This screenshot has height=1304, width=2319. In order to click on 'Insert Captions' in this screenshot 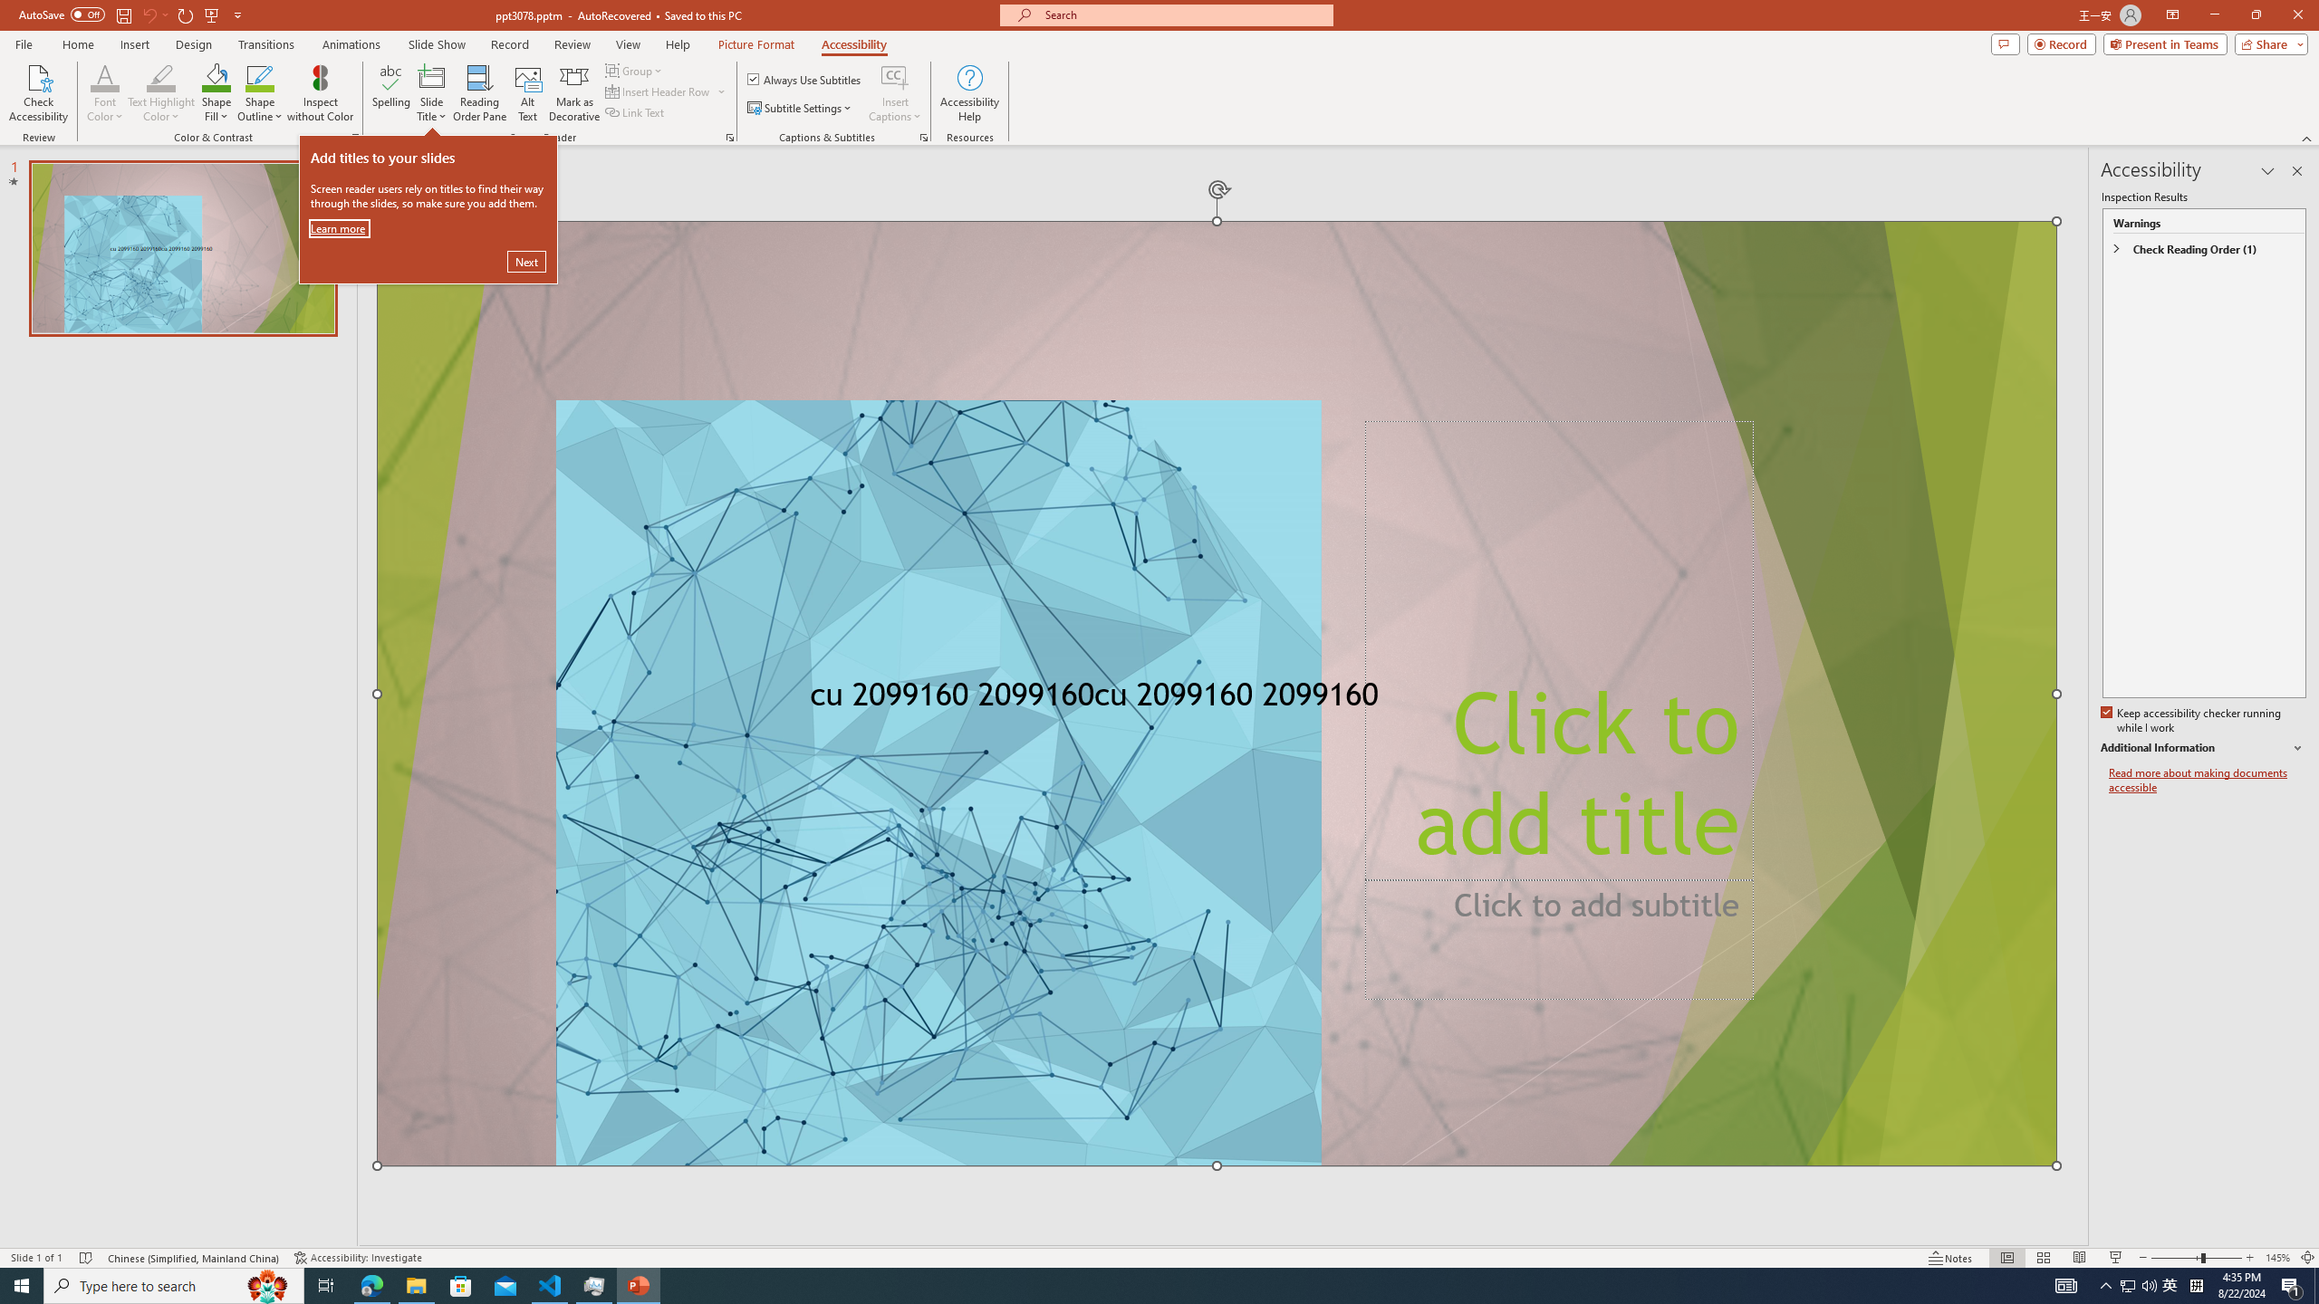, I will do `click(894, 76)`.